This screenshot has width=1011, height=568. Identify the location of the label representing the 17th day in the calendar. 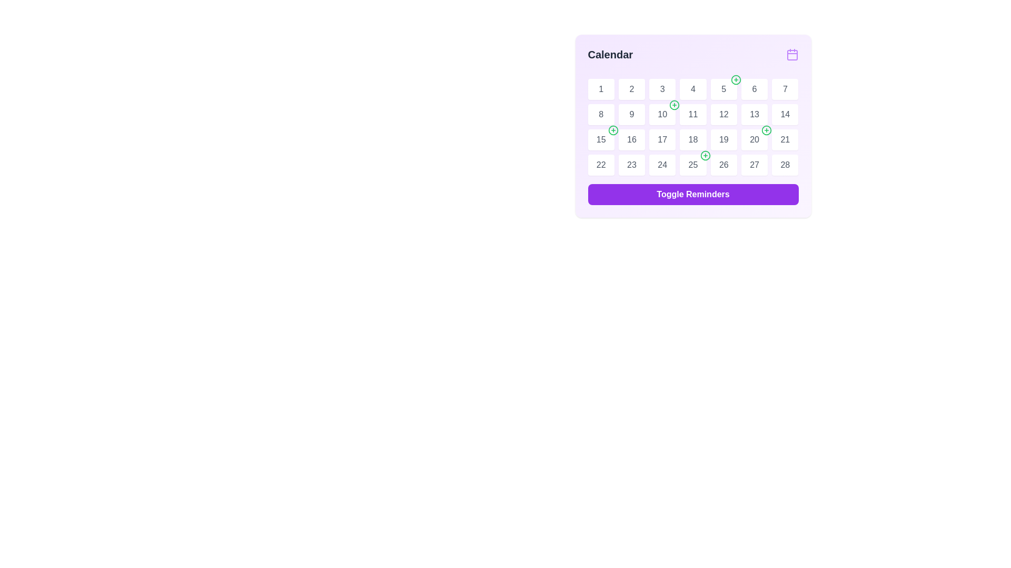
(662, 139).